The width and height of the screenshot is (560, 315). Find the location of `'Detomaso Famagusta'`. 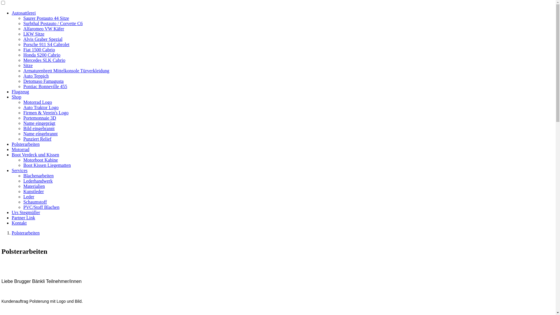

'Detomaso Famagusta' is located at coordinates (43, 81).